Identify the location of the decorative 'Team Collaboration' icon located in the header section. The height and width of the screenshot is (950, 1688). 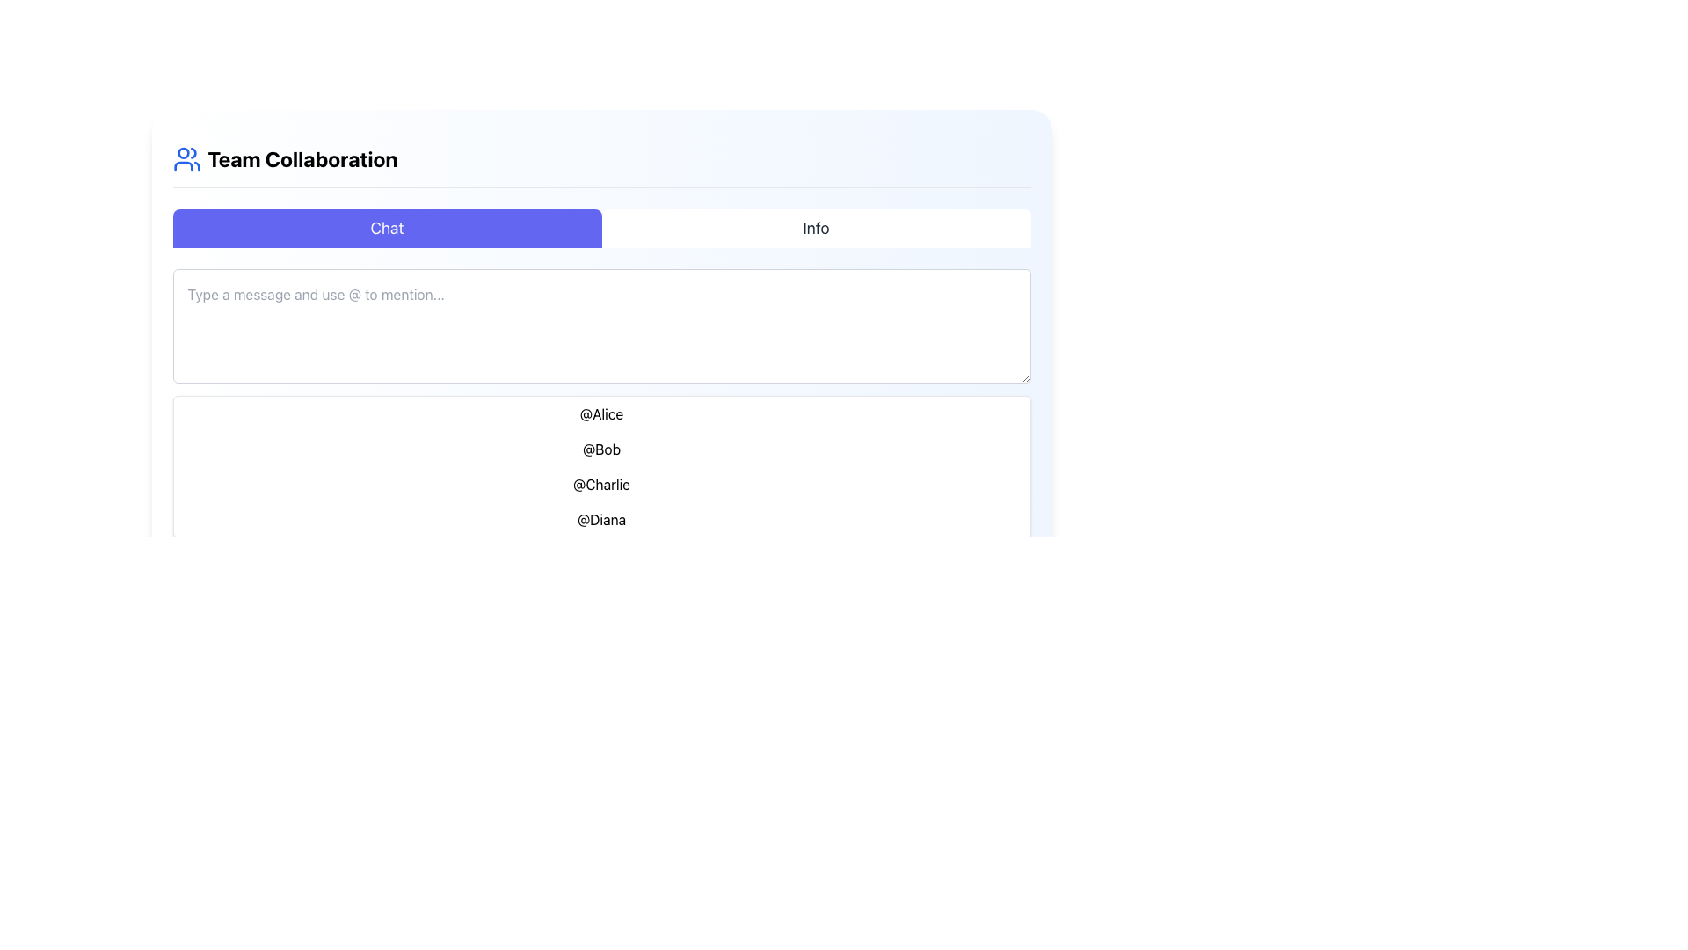
(186, 159).